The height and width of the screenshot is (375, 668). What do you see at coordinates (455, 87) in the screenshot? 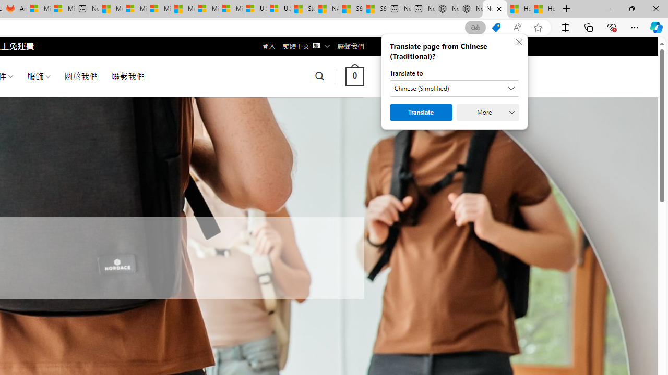
I see `'Translate to'` at bounding box center [455, 87].